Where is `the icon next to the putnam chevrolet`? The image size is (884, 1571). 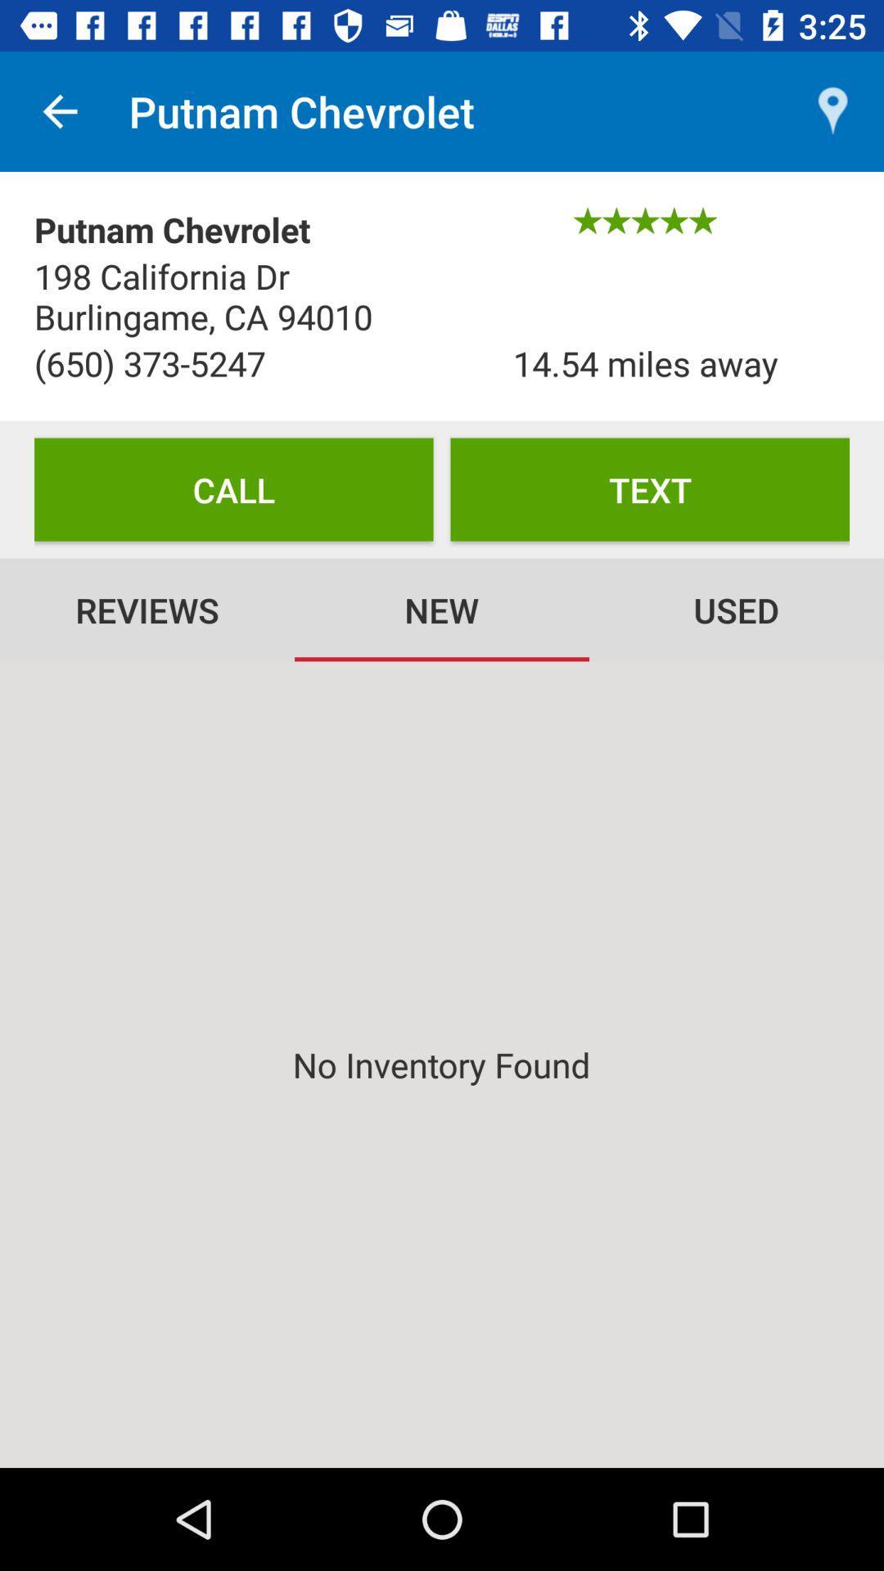 the icon next to the putnam chevrolet is located at coordinates (59, 110).